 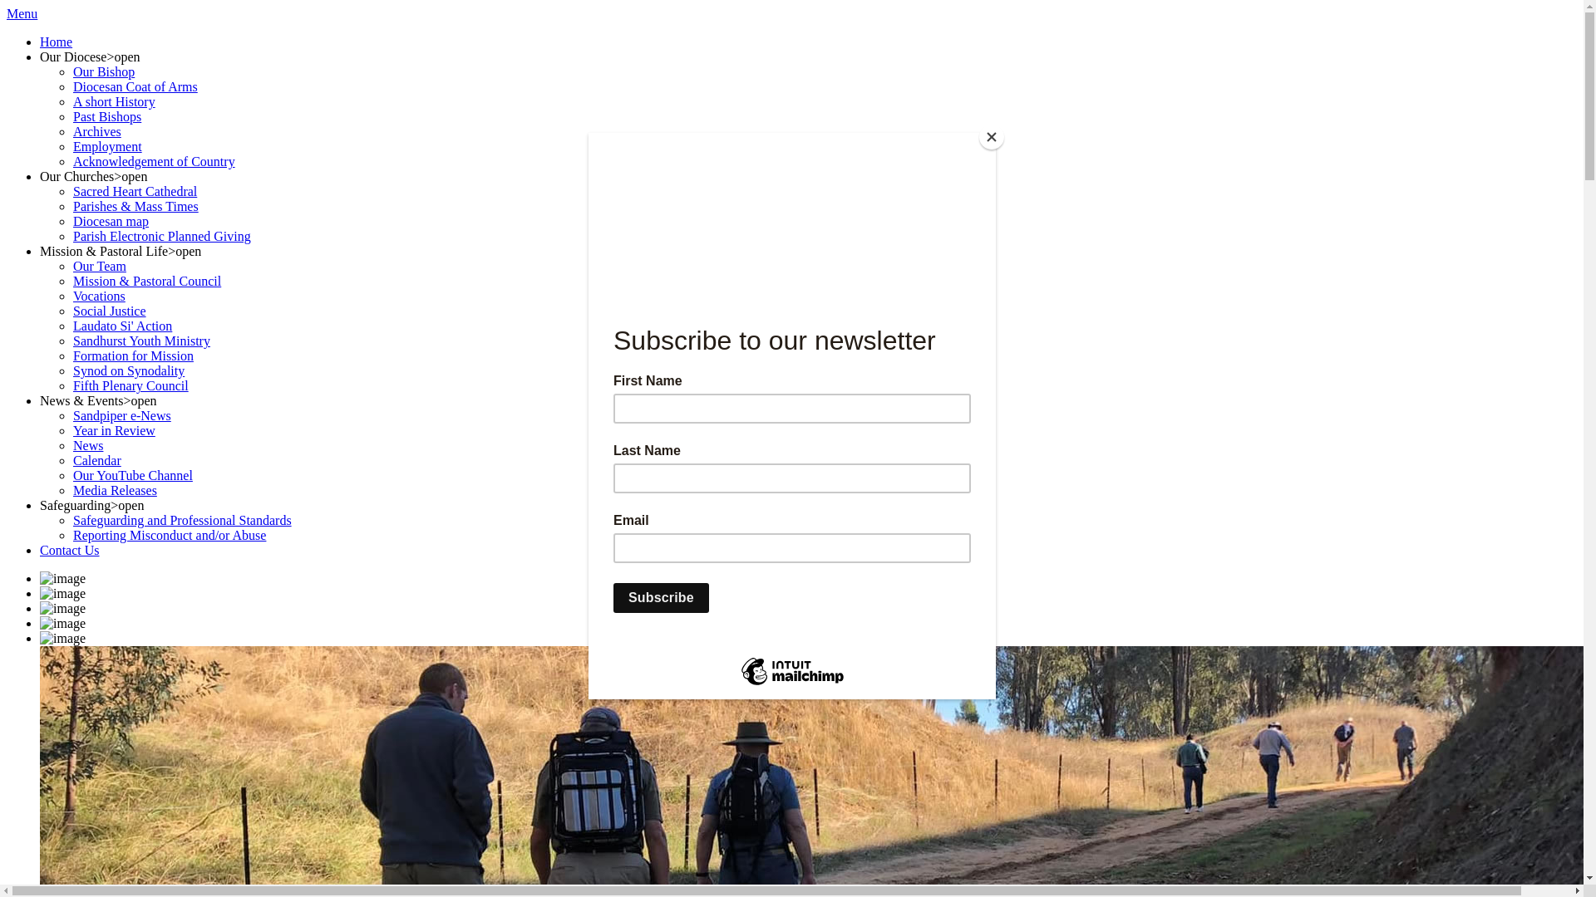 What do you see at coordinates (110, 220) in the screenshot?
I see `'Diocesan map'` at bounding box center [110, 220].